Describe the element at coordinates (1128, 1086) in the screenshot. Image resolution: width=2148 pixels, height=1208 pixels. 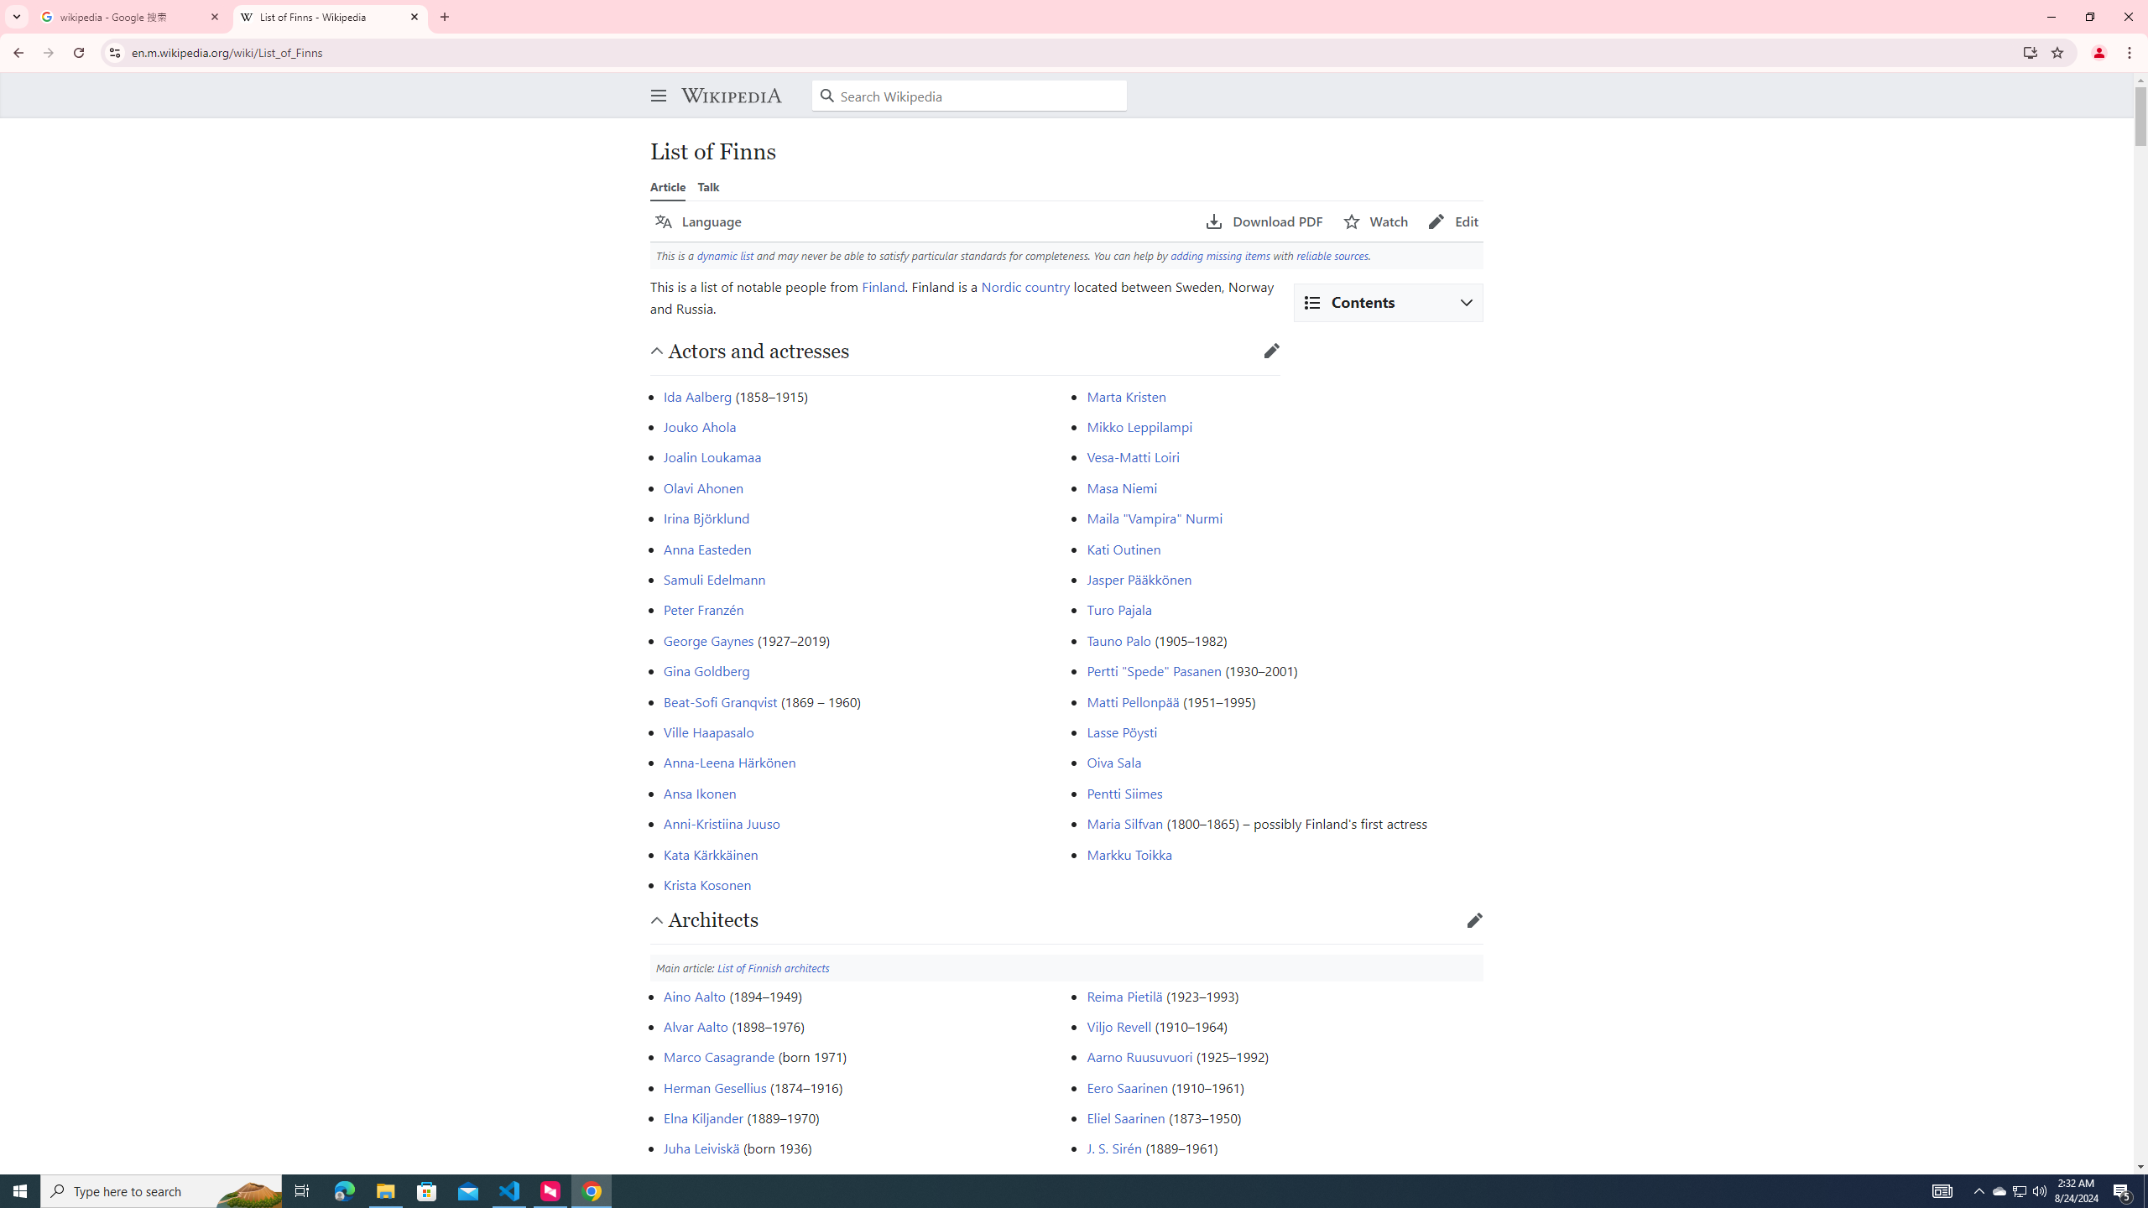
I see `'Eero Saarinen'` at that location.